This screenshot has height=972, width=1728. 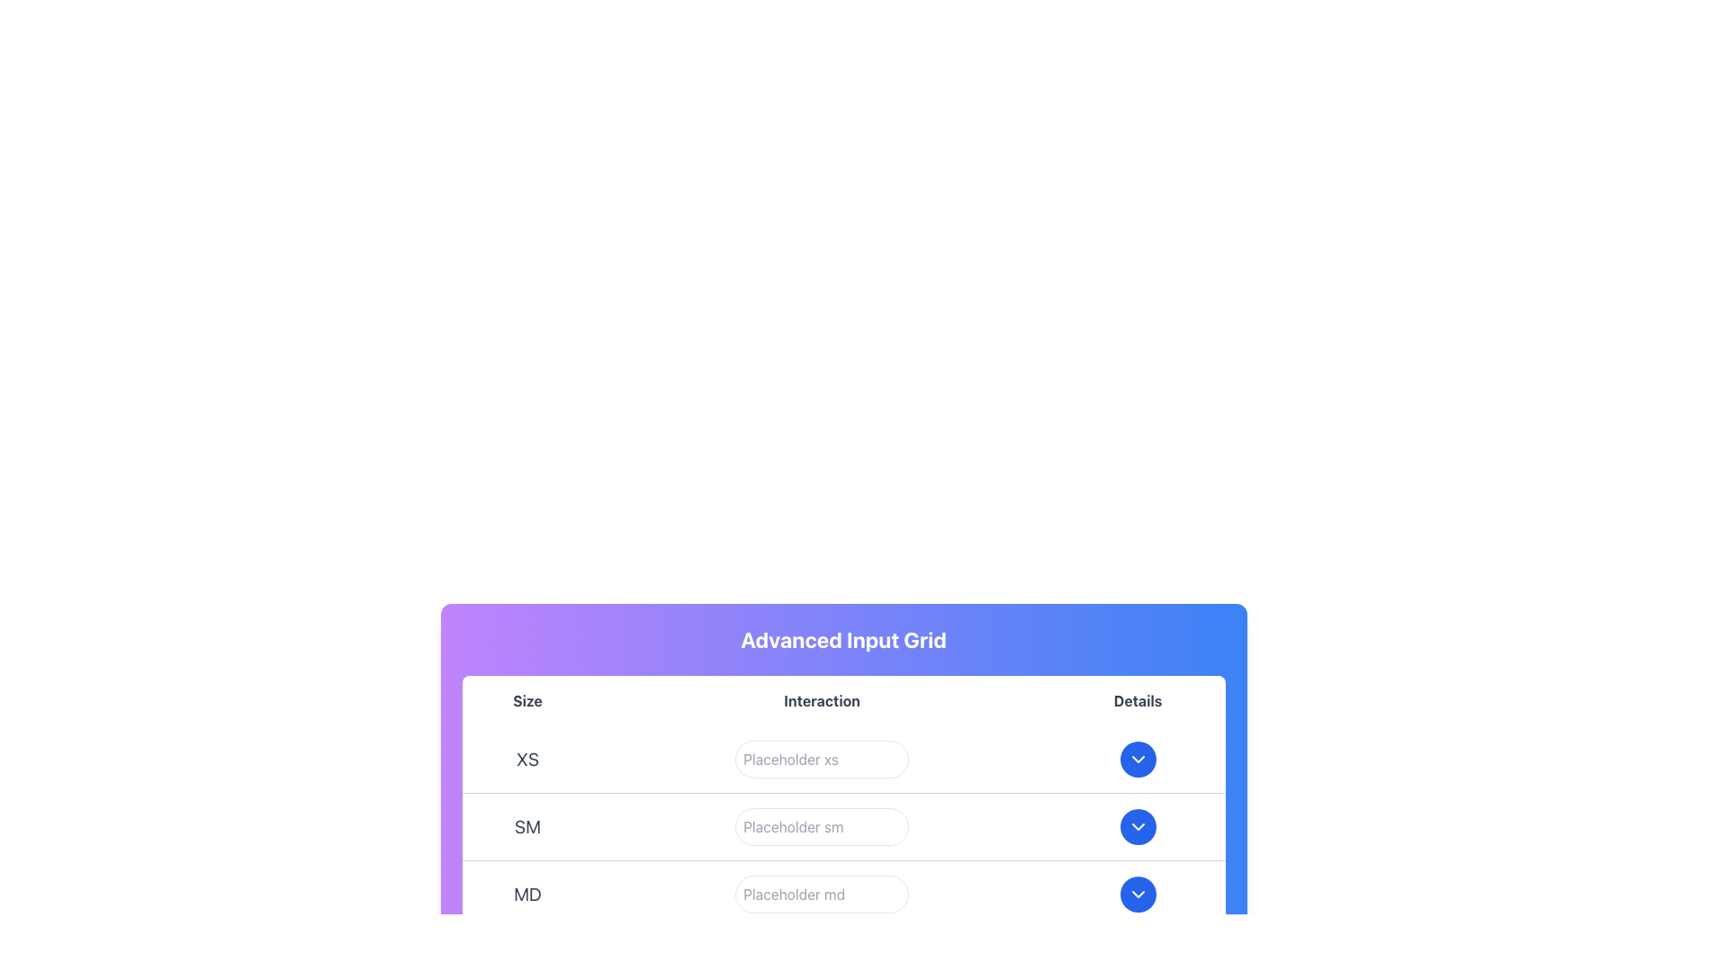 I want to click on the text input field, so click(x=821, y=895).